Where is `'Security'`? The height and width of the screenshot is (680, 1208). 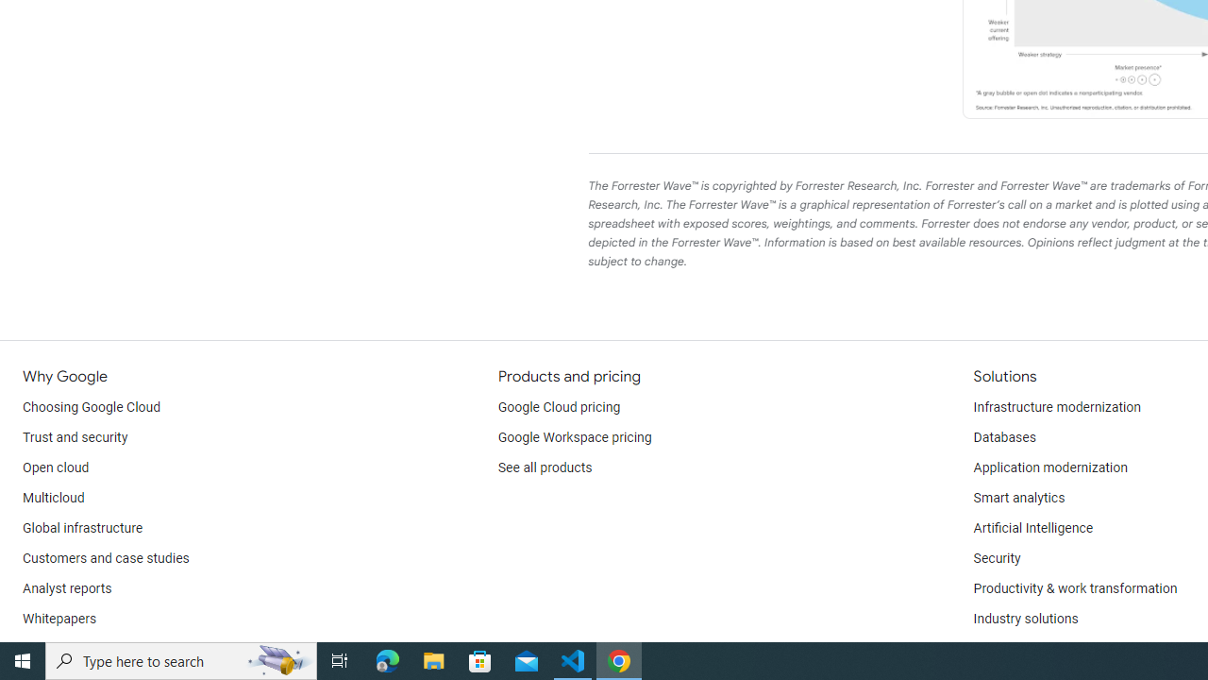
'Security' is located at coordinates (996, 557).